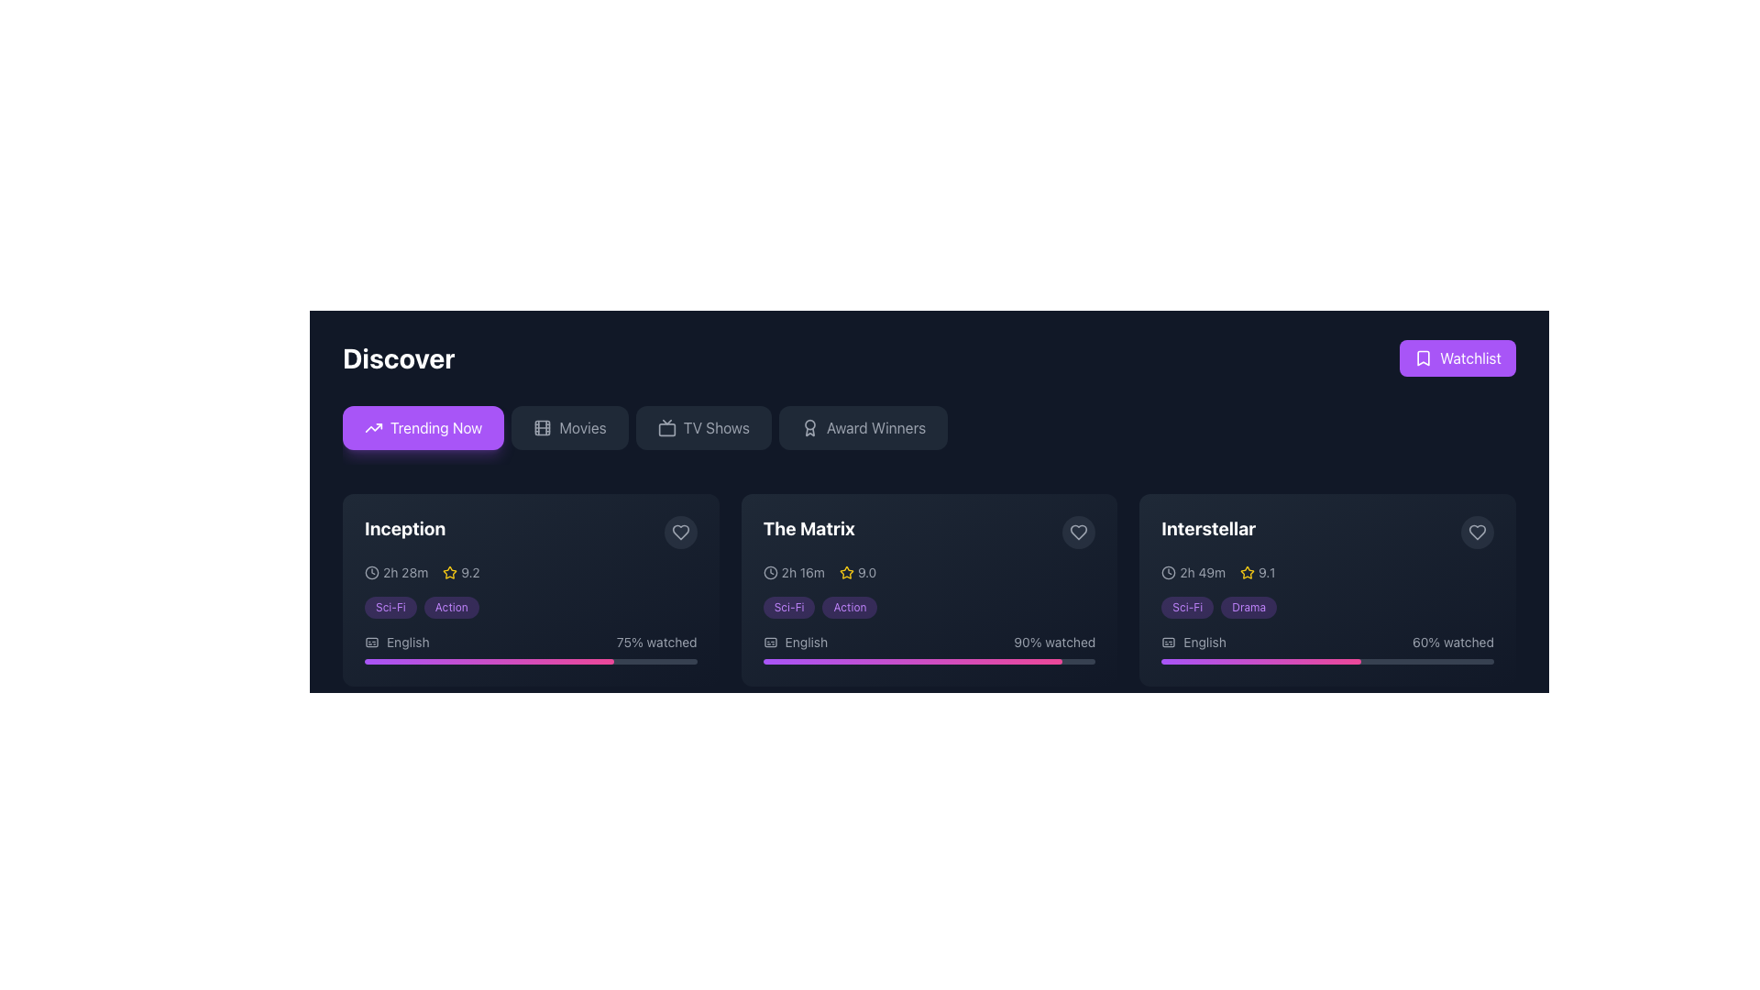 This screenshot has height=990, width=1760. I want to click on the pill-shaped label with the text 'Sci-Fi' in small purple font, located beneath the movie title 'Interstellar' in the rightmost movie card, so click(1187, 608).